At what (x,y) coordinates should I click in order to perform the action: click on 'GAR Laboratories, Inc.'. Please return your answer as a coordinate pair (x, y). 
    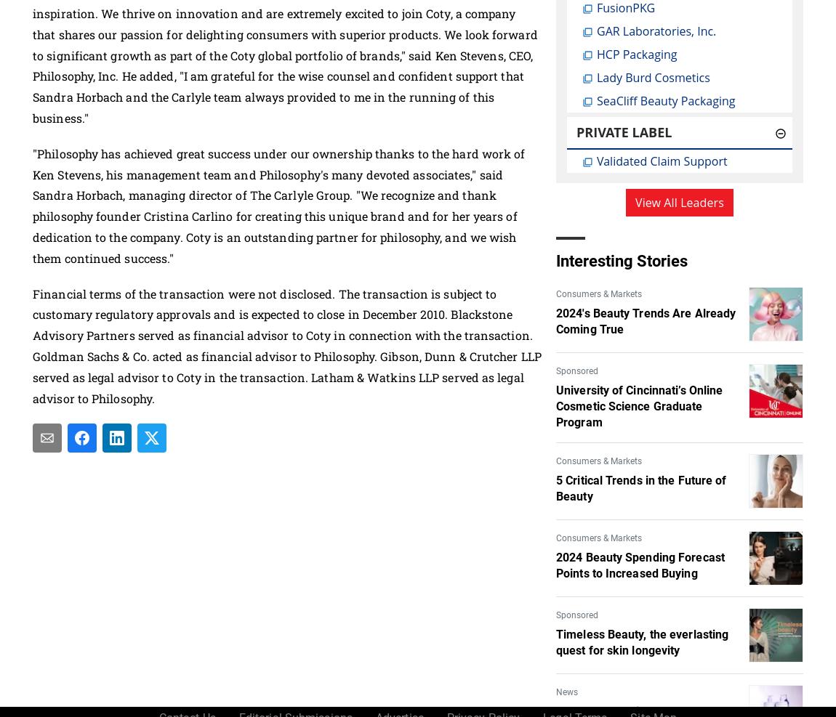
    Looking at the image, I should click on (656, 31).